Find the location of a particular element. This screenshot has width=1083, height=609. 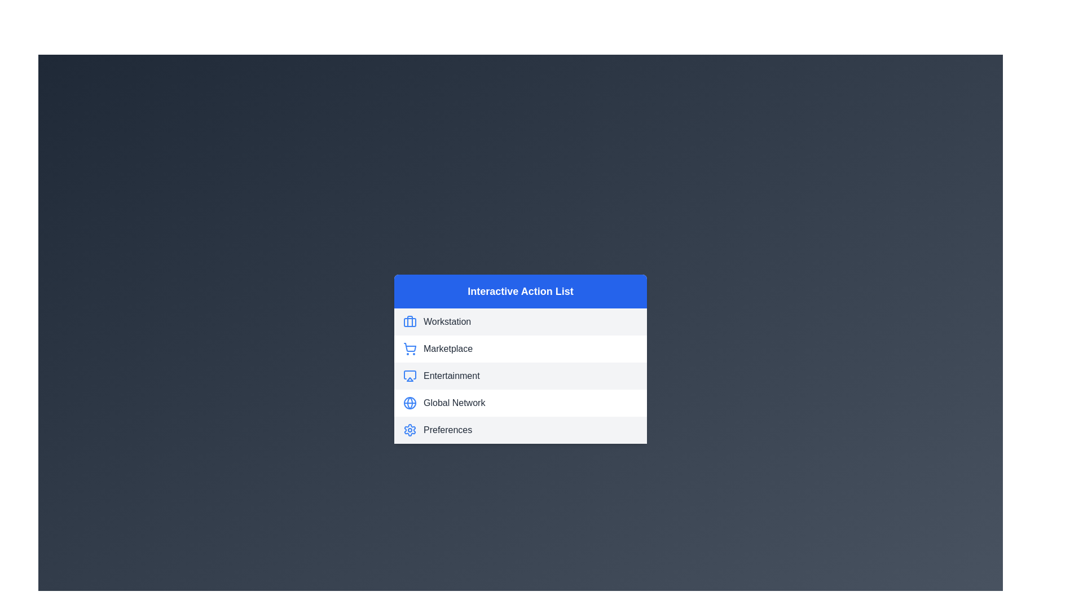

the shopping cart icon with a blue outline, located under the 'Interactive Action List' header is located at coordinates (409, 348).